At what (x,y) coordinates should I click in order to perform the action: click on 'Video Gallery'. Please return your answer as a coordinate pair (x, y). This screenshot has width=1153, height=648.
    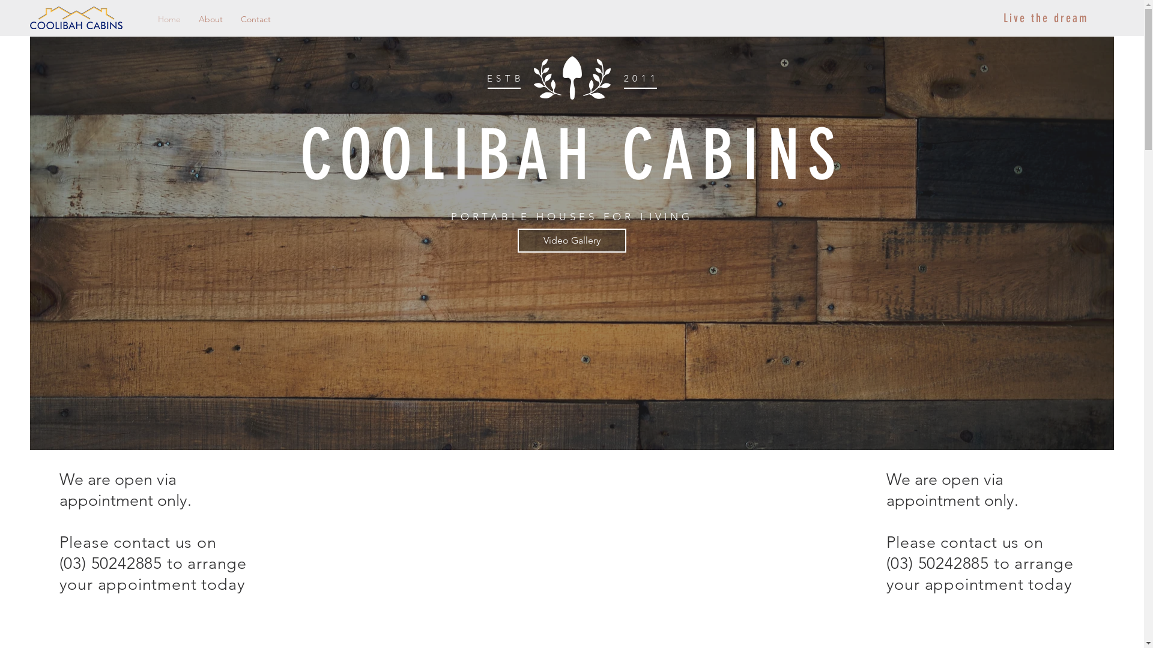
    Looking at the image, I should click on (571, 241).